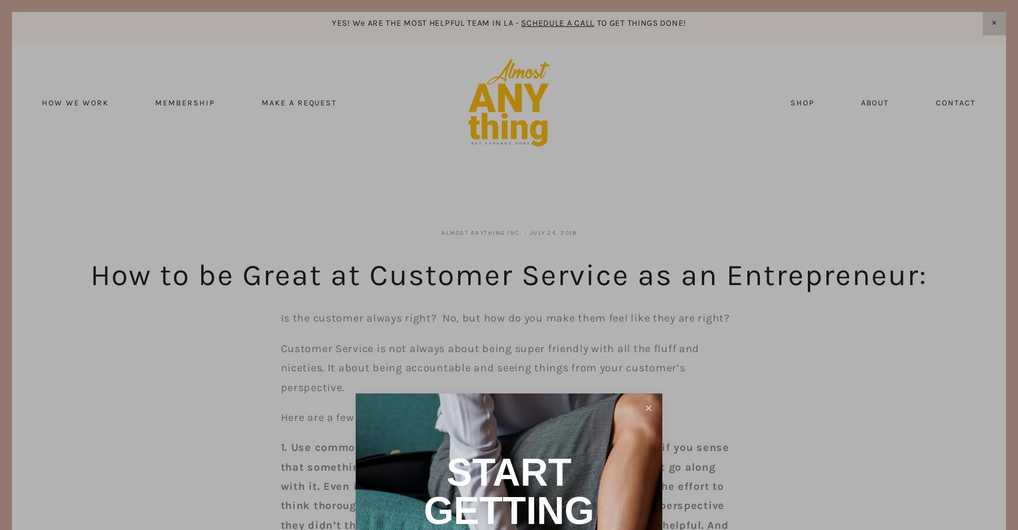  What do you see at coordinates (509, 274) in the screenshot?
I see `'How to be Great at Customer Service as an Entrepreneur:'` at bounding box center [509, 274].